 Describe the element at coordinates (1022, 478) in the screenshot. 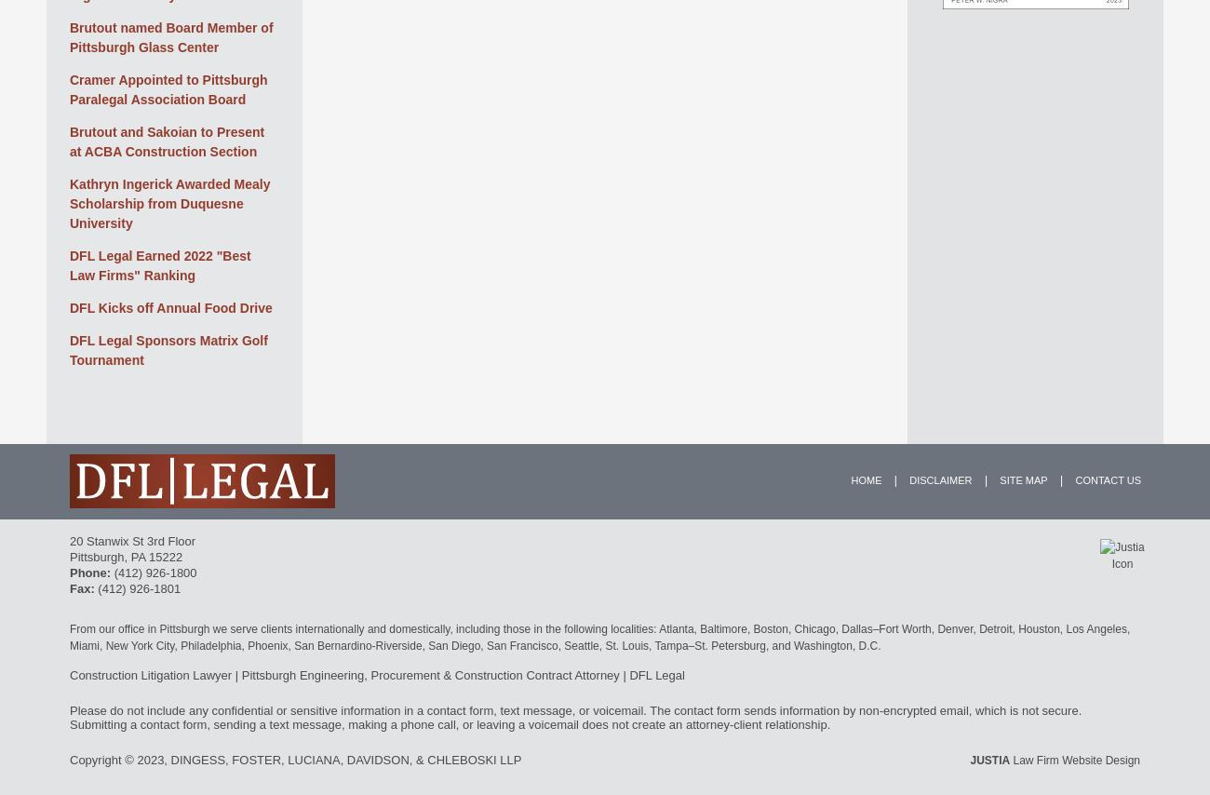

I see `'Site Map'` at that location.